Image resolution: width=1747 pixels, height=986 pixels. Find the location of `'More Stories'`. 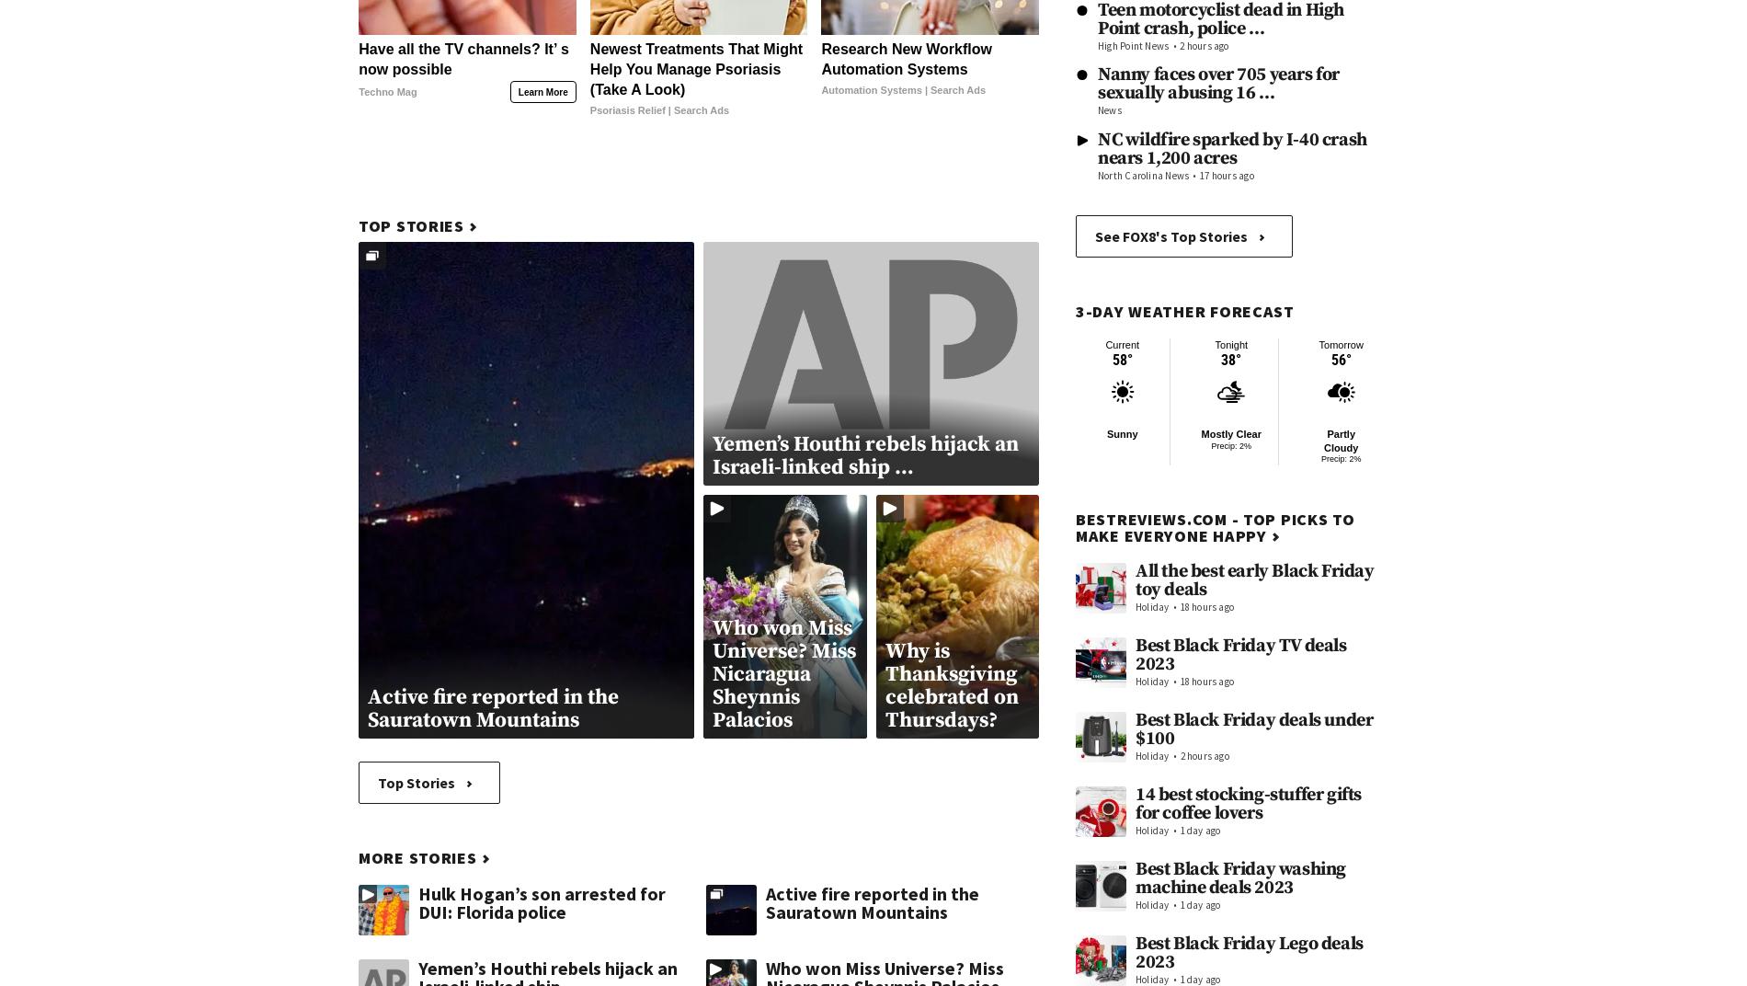

'More Stories' is located at coordinates (358, 857).